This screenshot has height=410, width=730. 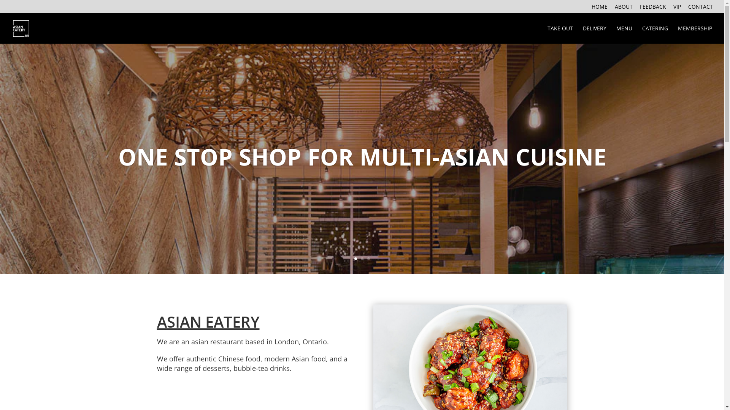 What do you see at coordinates (599, 8) in the screenshot?
I see `'HOME'` at bounding box center [599, 8].